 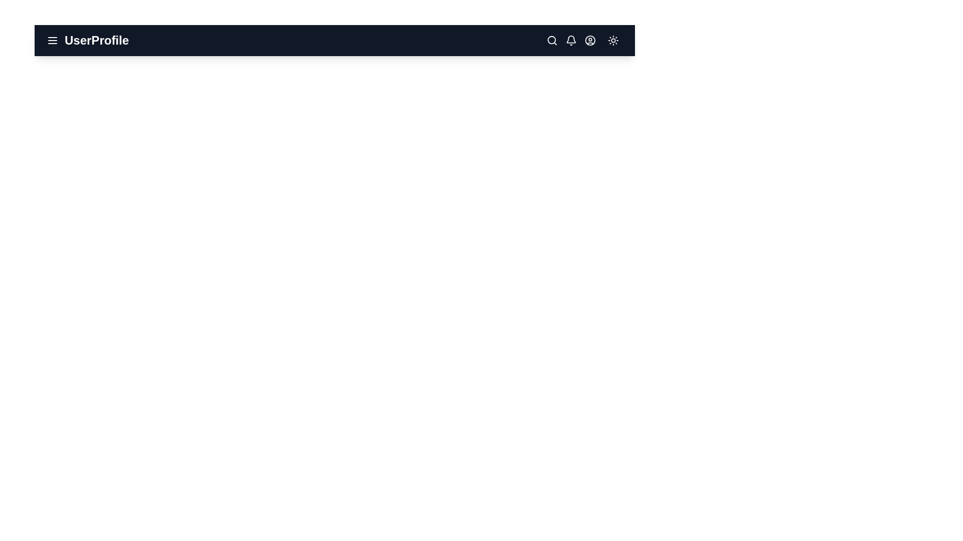 I want to click on the user profile icon to access the user profile options, so click(x=590, y=40).